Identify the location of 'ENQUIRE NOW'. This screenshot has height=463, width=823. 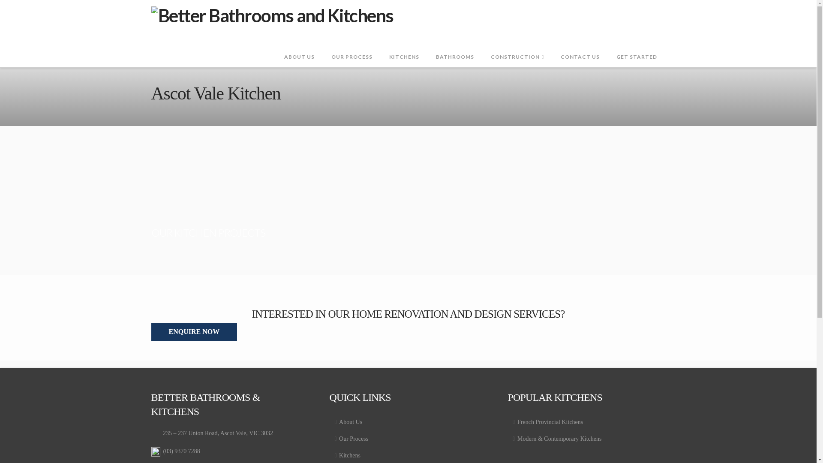
(193, 331).